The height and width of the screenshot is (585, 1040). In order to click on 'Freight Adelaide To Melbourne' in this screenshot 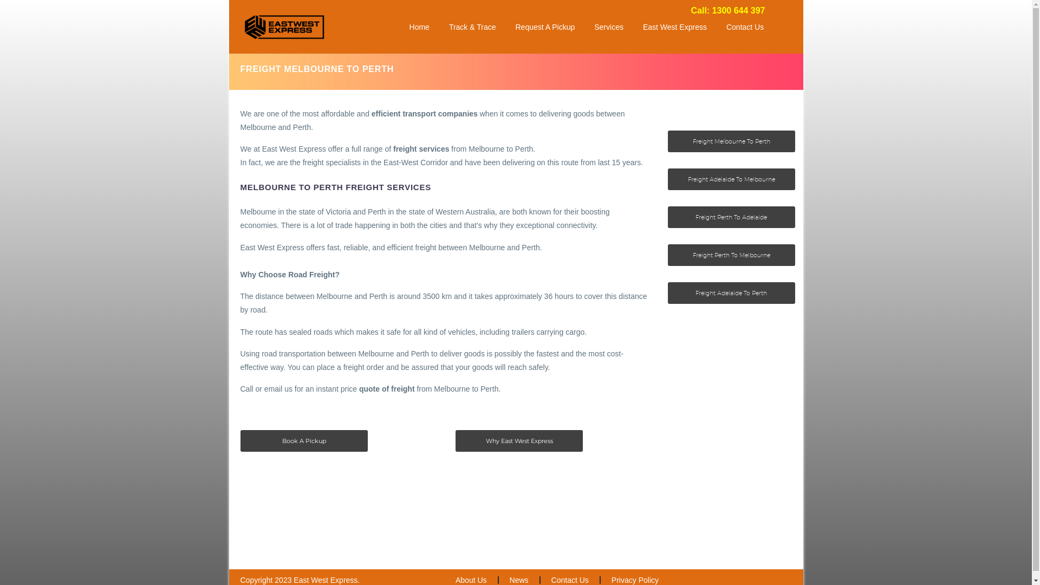, I will do `click(731, 179)`.